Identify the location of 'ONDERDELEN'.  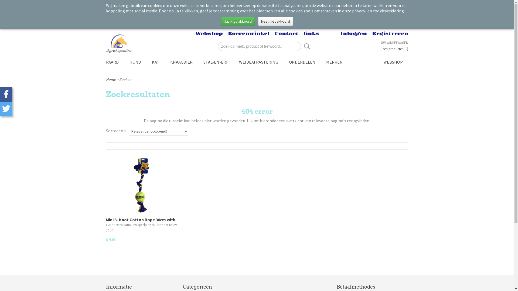
(301, 62).